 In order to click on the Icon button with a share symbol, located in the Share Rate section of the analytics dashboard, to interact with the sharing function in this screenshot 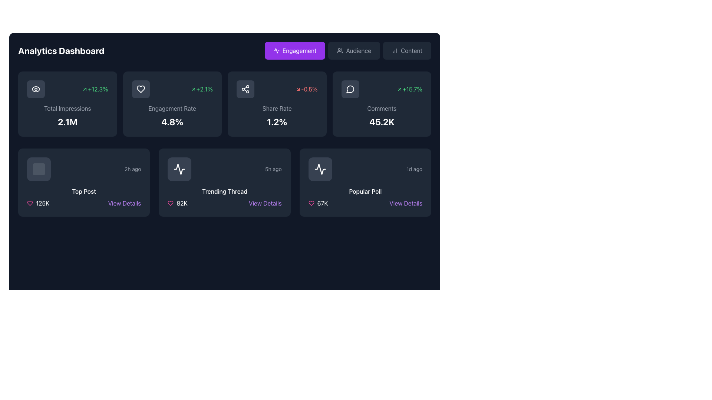, I will do `click(245, 89)`.